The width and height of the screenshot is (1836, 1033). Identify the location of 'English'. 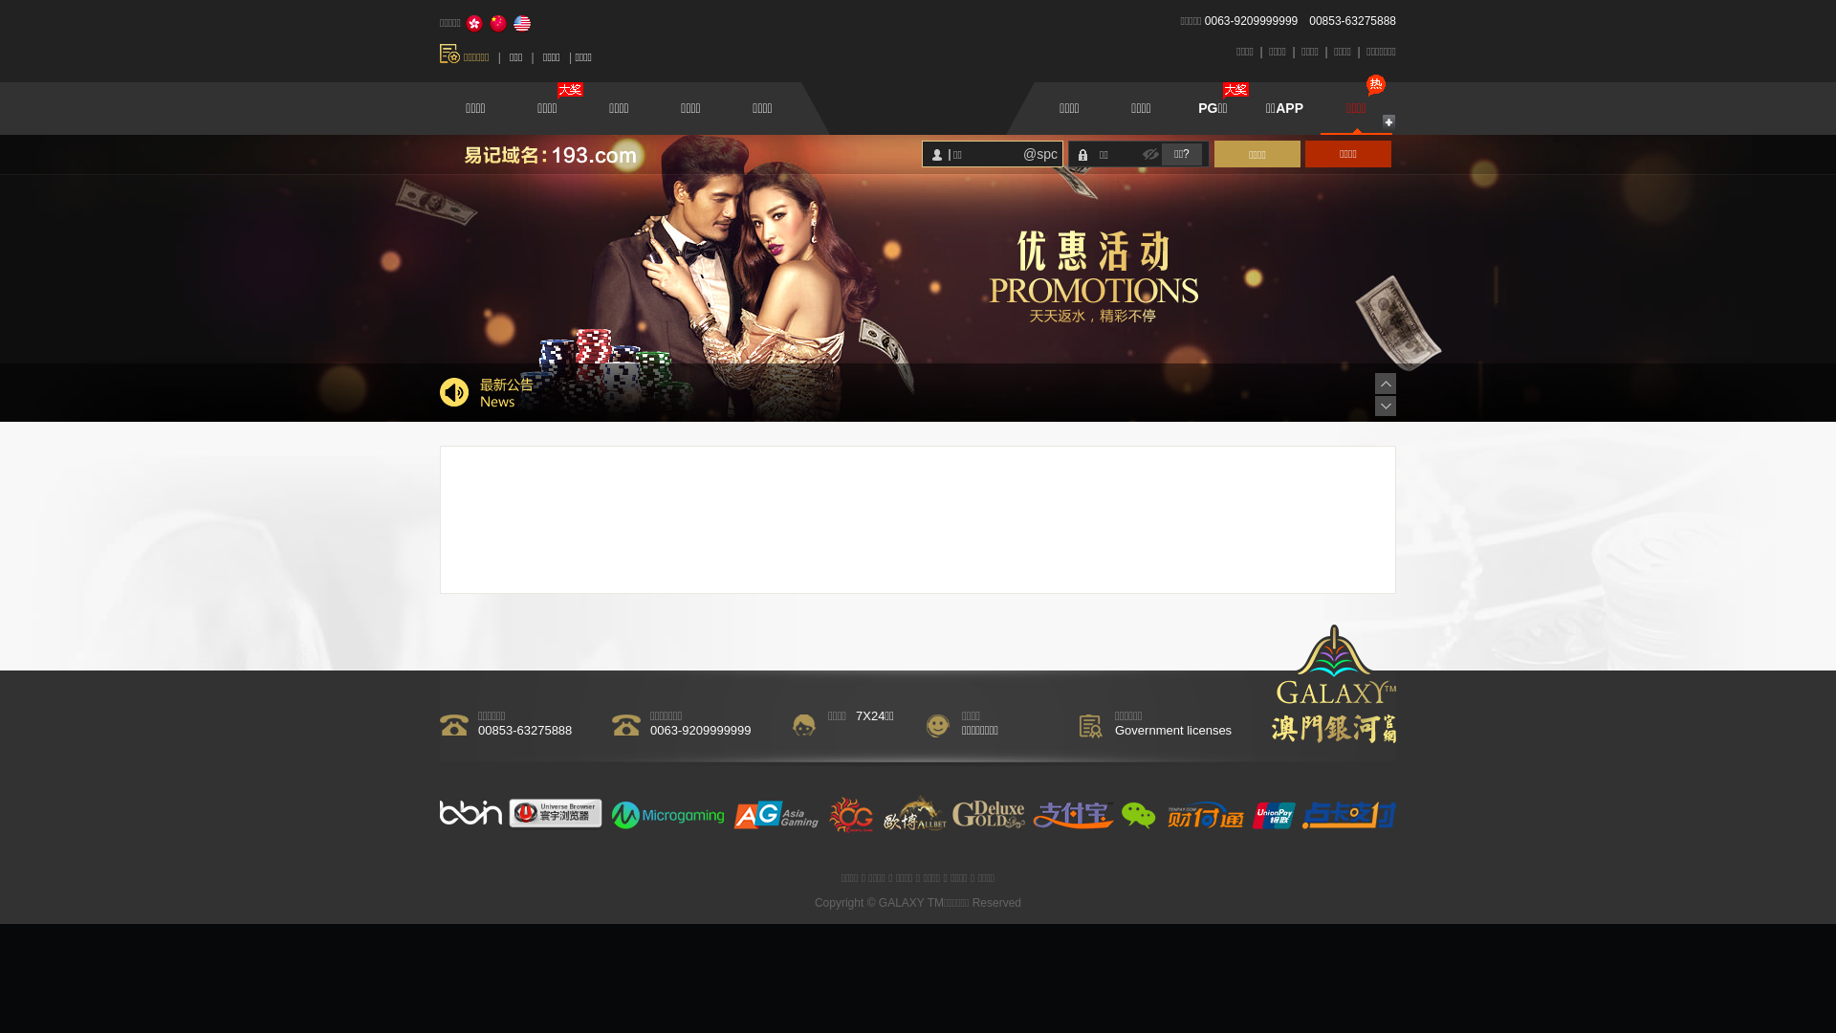
(522, 23).